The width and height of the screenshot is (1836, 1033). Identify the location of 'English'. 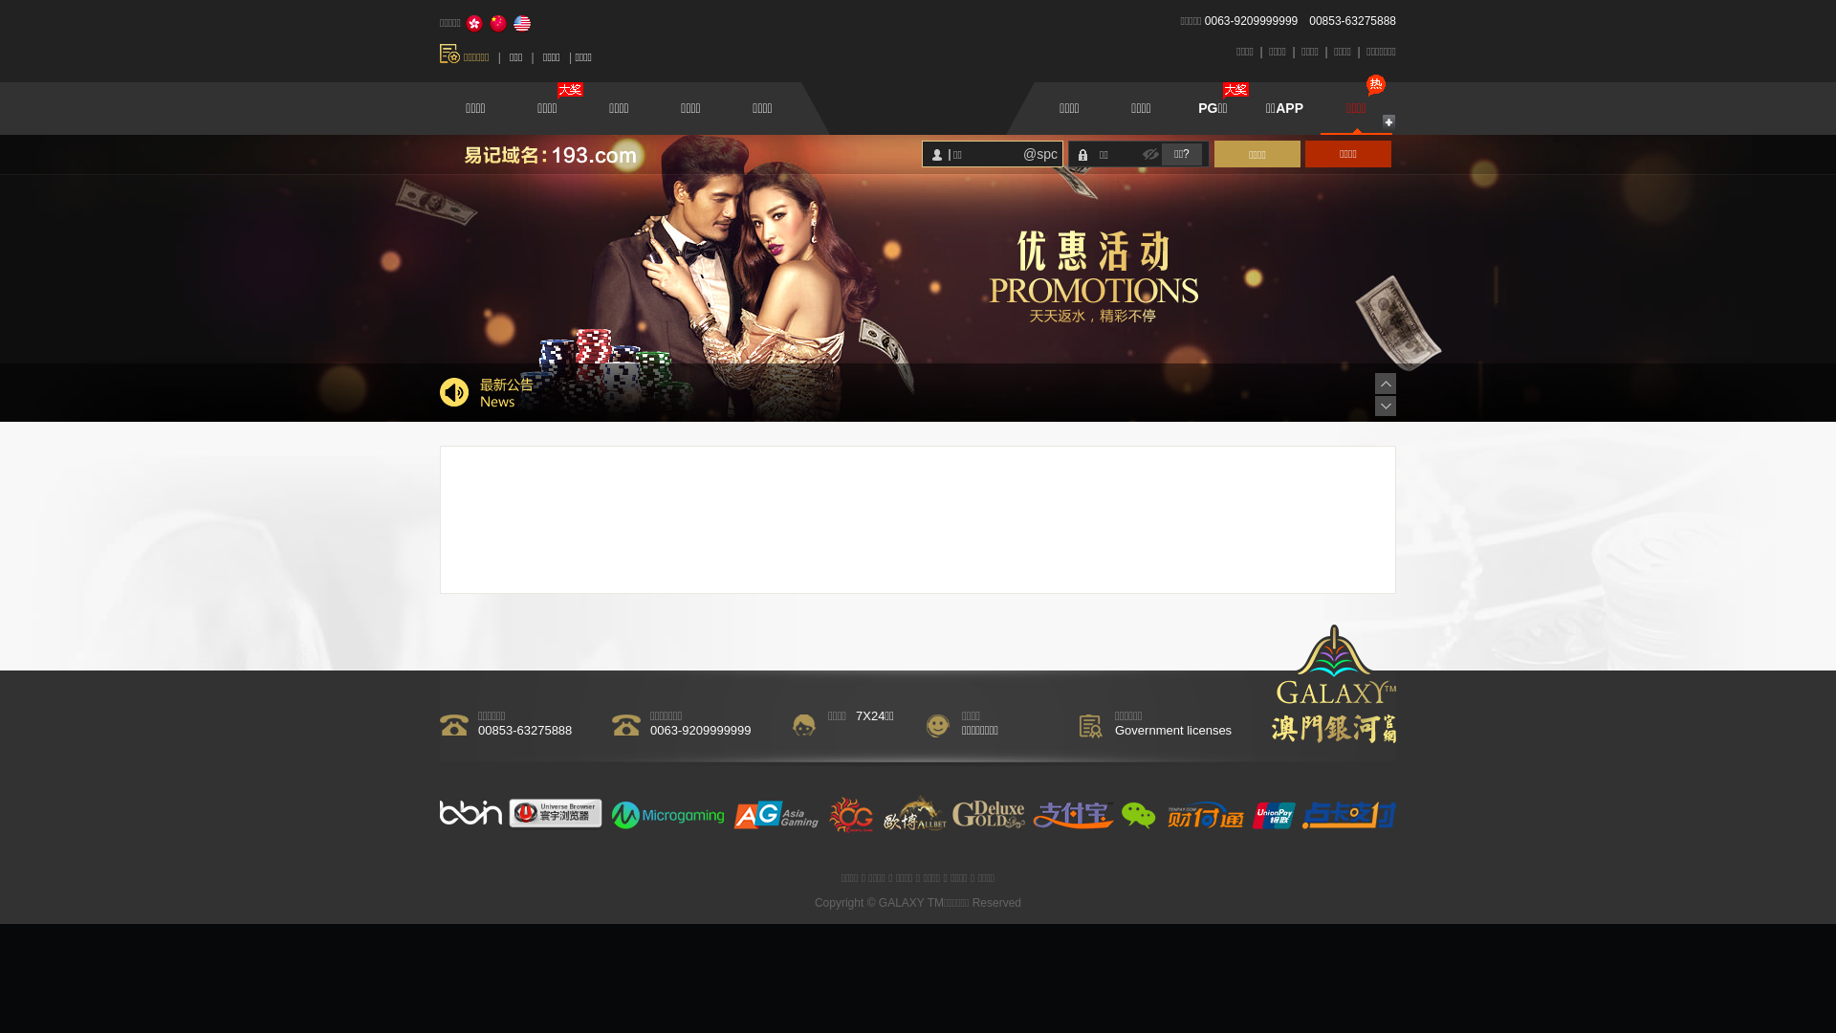
(522, 23).